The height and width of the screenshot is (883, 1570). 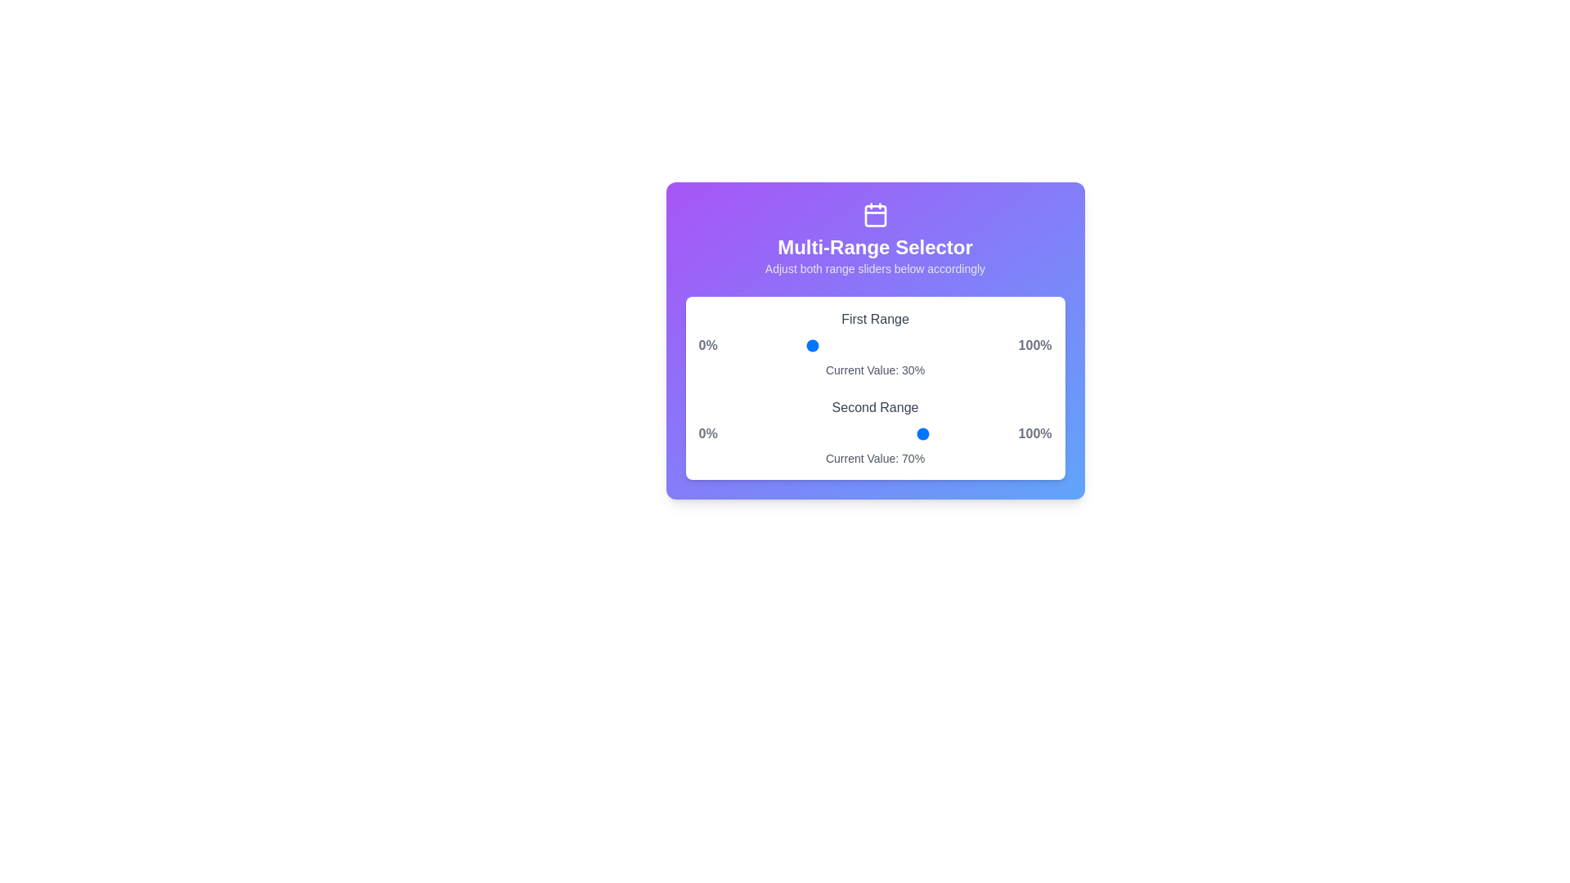 What do you see at coordinates (874, 215) in the screenshot?
I see `the large inner rectangle of the calendar icon located at the top of the interface` at bounding box center [874, 215].